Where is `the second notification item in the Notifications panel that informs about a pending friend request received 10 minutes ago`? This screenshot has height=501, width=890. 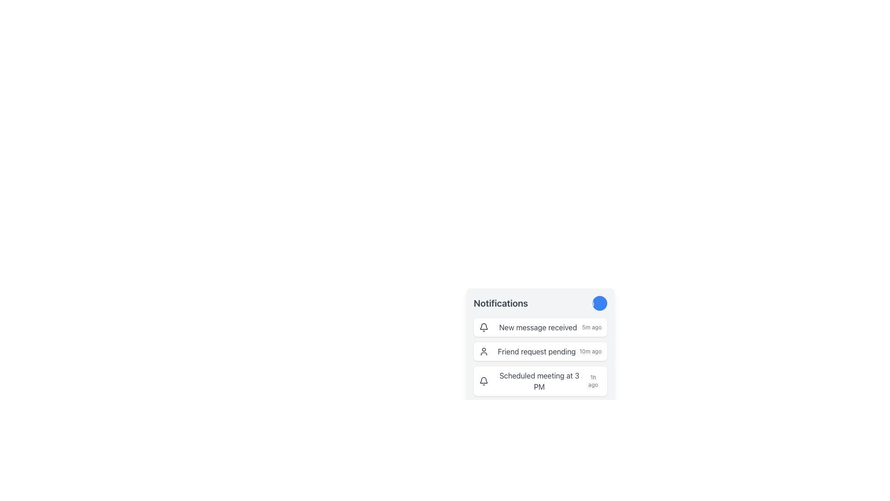
the second notification item in the Notifications panel that informs about a pending friend request received 10 minutes ago is located at coordinates (540, 357).